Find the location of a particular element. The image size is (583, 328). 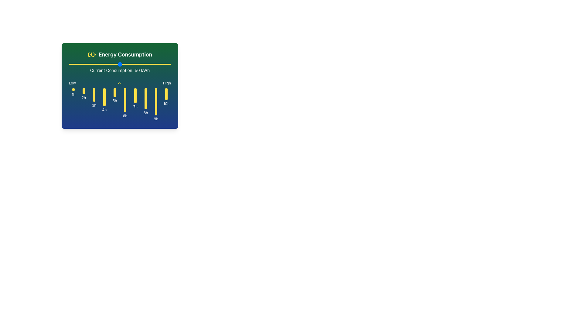

the static visual marker positioned above the '1h' label on the timeline graph is located at coordinates (73, 89).